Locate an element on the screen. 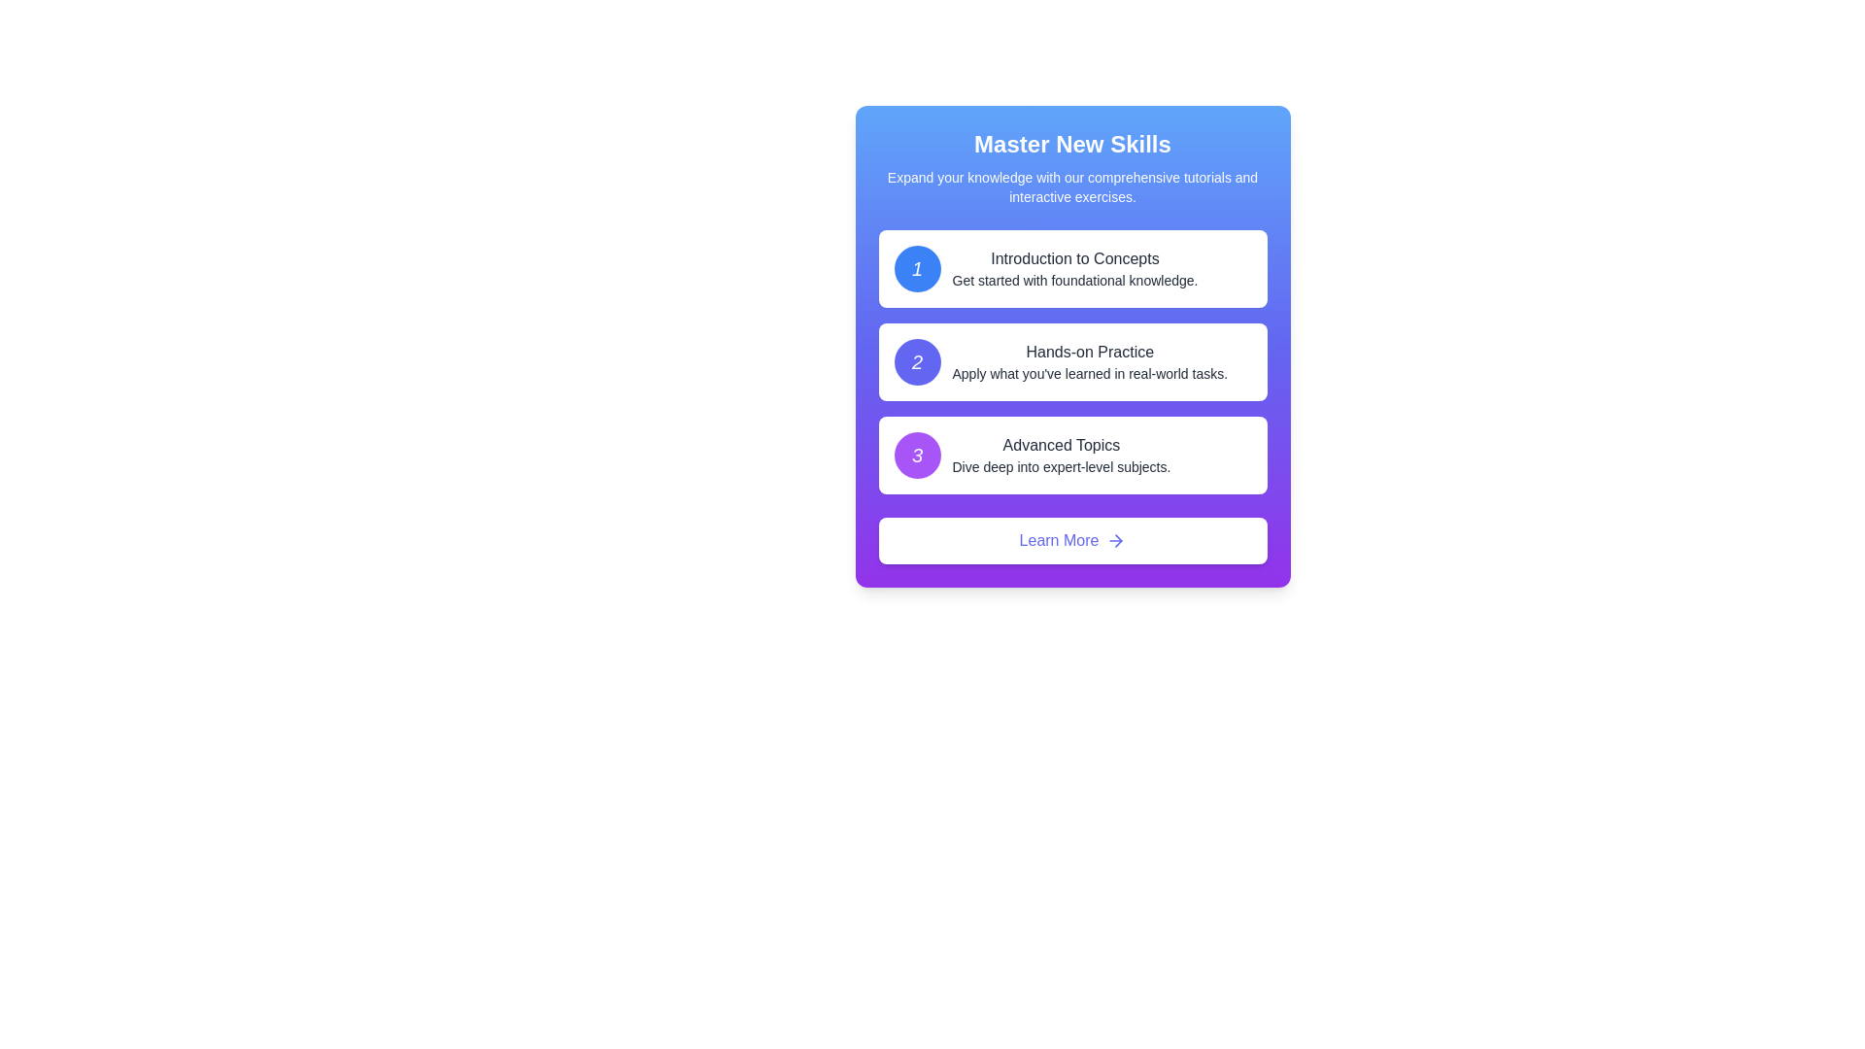  the numerical label '1' displayed in a bold font style within a blue circular background, located at the top of the list in the main content box is located at coordinates (916, 269).